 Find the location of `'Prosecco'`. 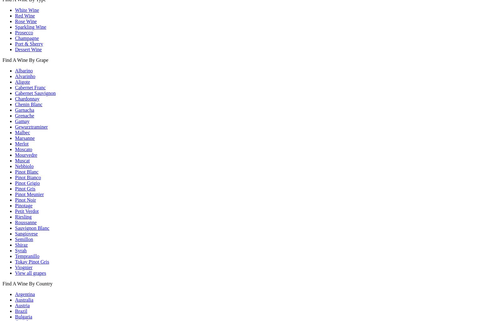

'Prosecco' is located at coordinates (24, 32).